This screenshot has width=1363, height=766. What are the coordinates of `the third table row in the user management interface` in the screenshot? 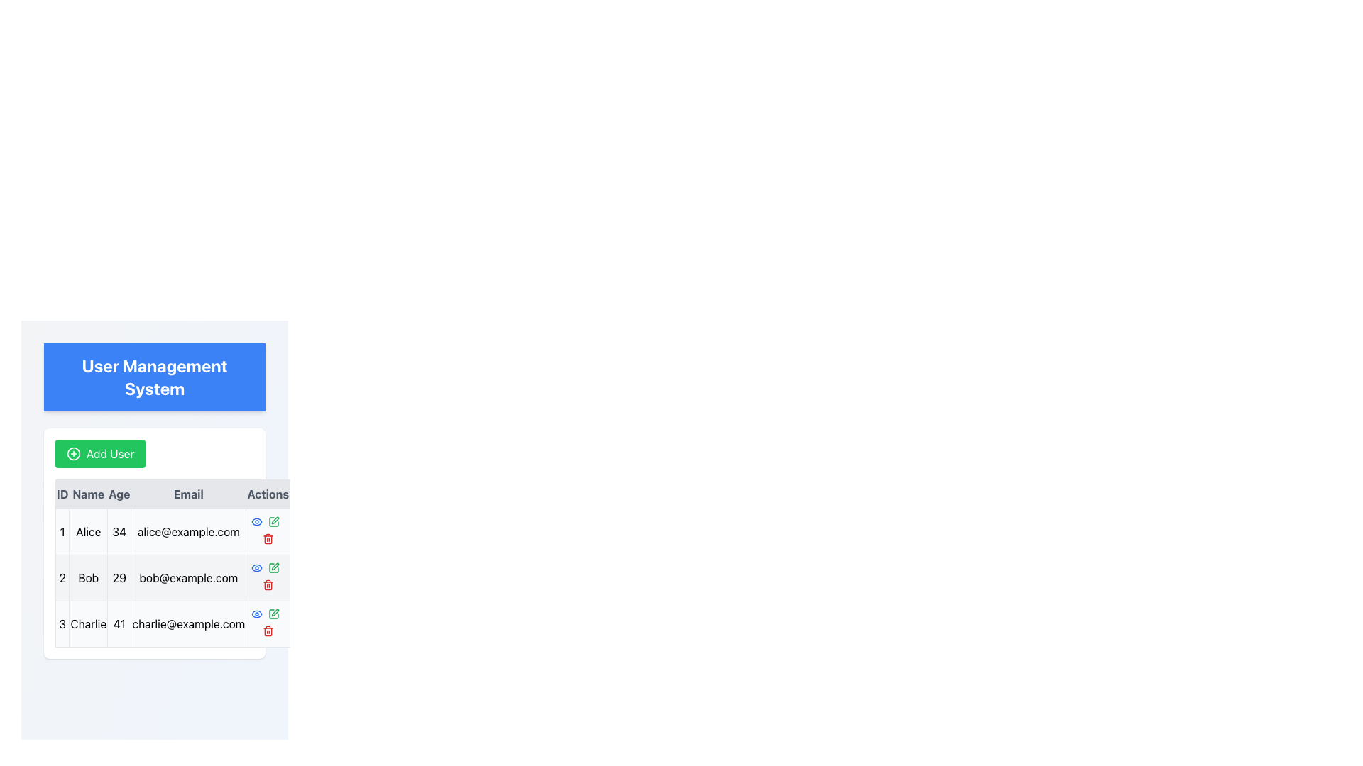 It's located at (172, 623).